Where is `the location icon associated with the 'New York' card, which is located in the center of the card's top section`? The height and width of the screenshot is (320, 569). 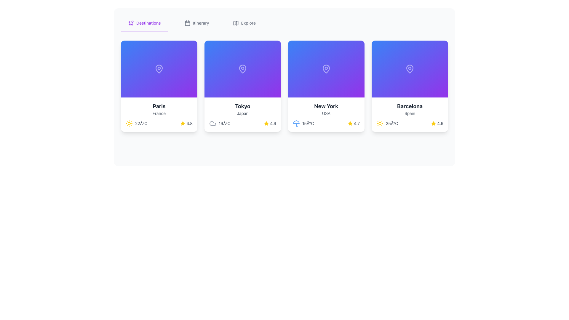 the location icon associated with the 'New York' card, which is located in the center of the card's top section is located at coordinates (326, 68).